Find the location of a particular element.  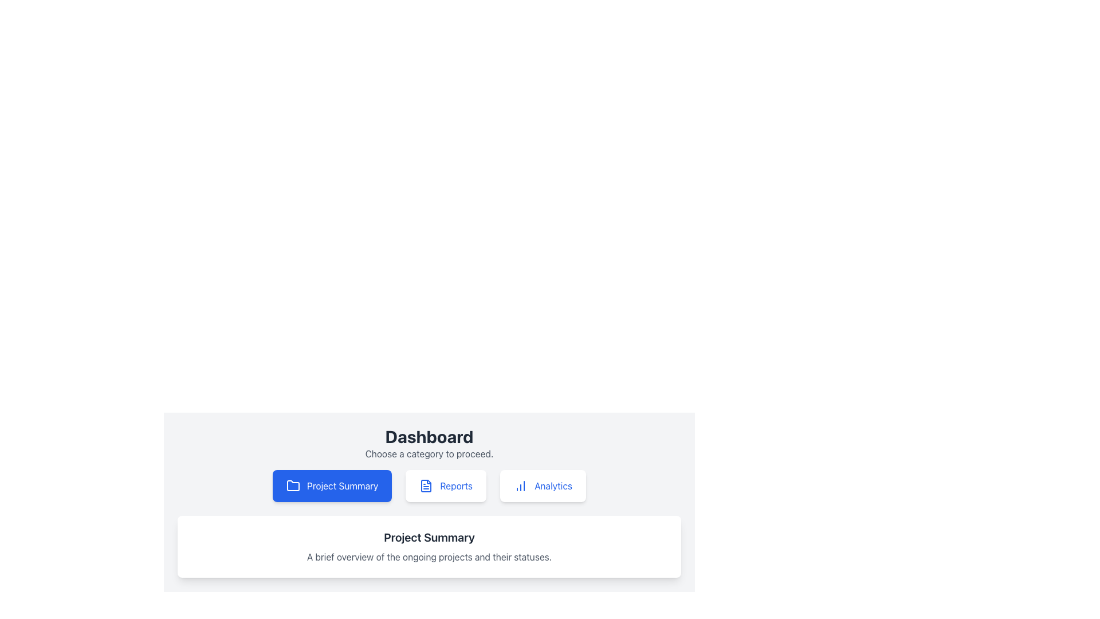

the 'Analytics' text label in the horizontal navigation menu below the 'Dashboard' header is located at coordinates (553, 486).